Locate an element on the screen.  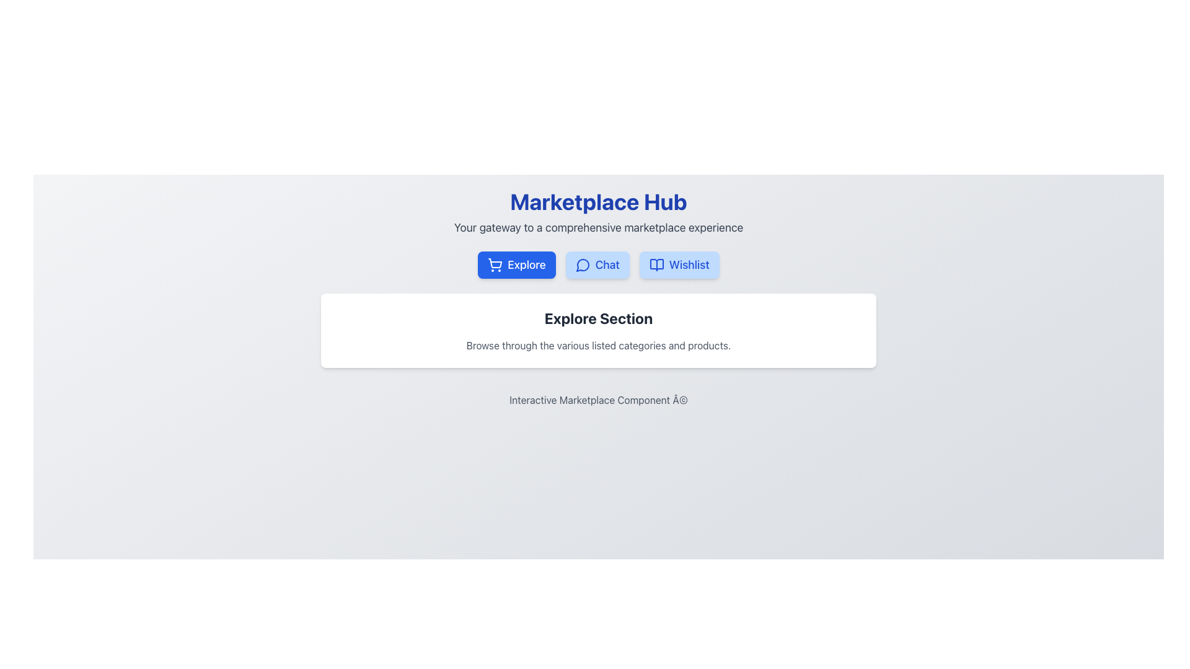
the 'Chat' icon located in the middle of the row of three buttons under the 'Marketplace Hub' header is located at coordinates (582, 265).